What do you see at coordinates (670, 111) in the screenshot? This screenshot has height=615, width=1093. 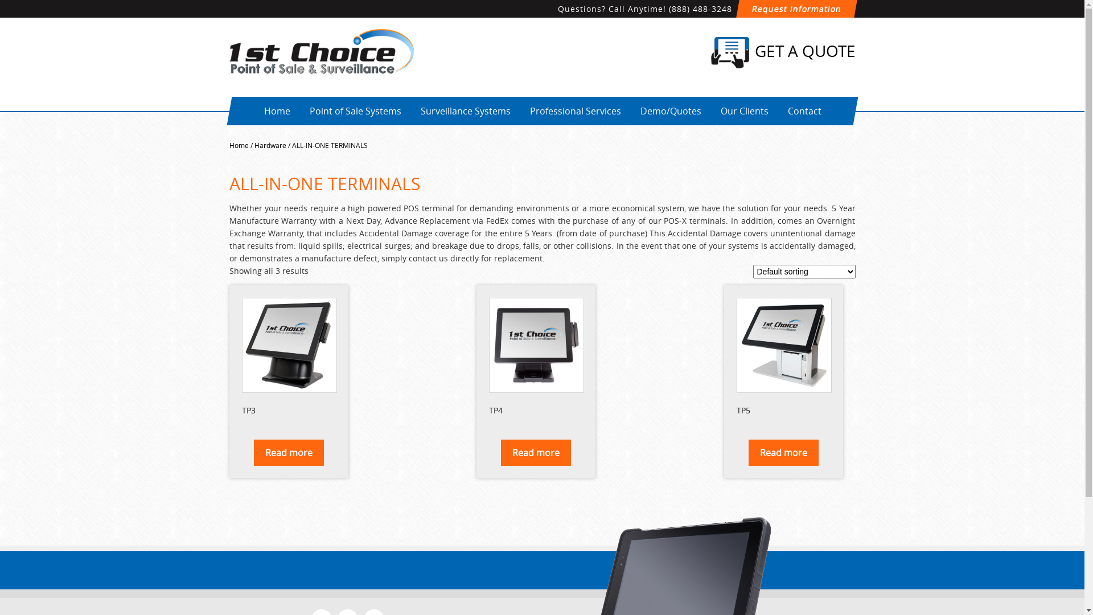 I see `'Demo/Quotes'` at bounding box center [670, 111].